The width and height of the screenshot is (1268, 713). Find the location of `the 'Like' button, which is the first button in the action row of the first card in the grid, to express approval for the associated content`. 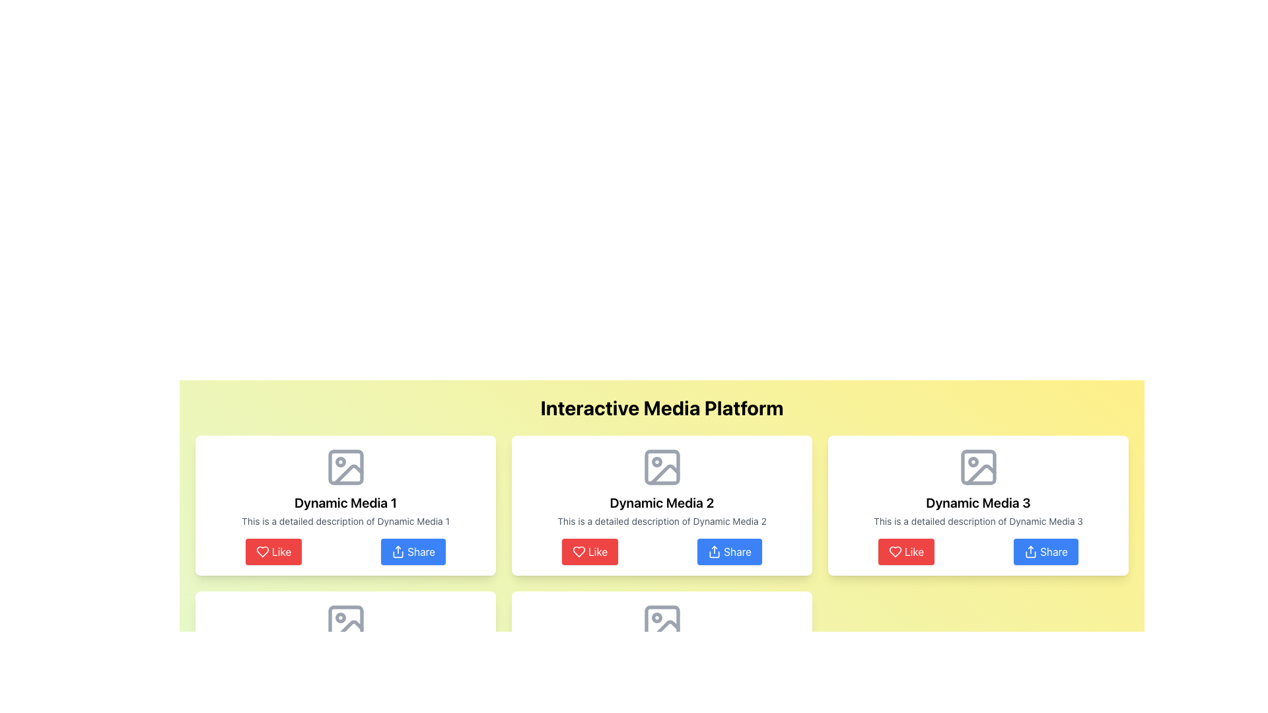

the 'Like' button, which is the first button in the action row of the first card in the grid, to express approval for the associated content is located at coordinates (273, 552).